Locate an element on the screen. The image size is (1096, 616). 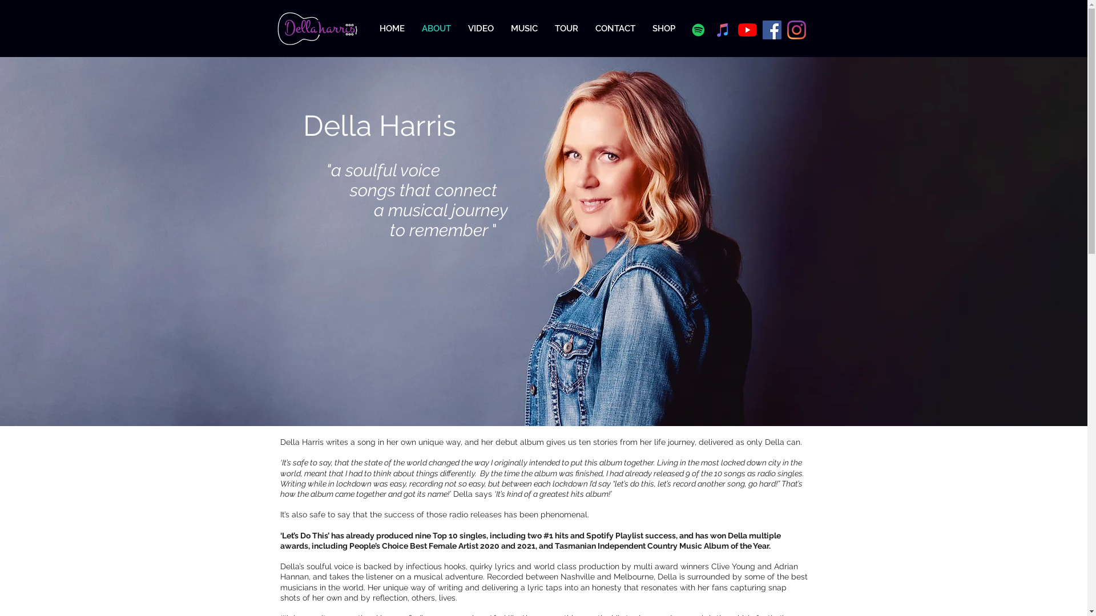
'TOUR' is located at coordinates (566, 28).